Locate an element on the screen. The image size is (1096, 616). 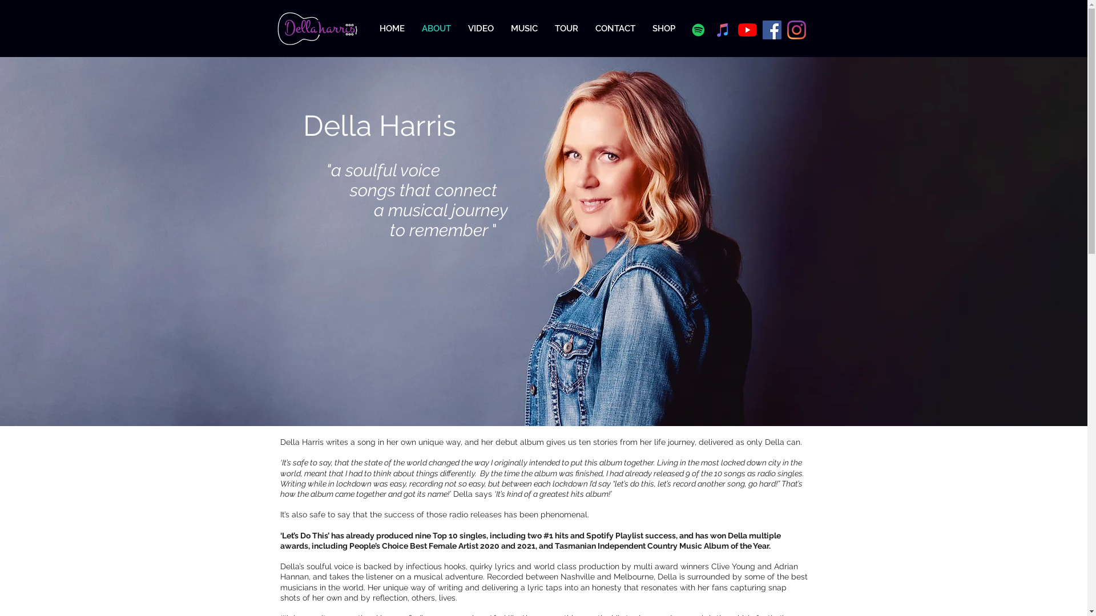
'TOUR' is located at coordinates (566, 28).